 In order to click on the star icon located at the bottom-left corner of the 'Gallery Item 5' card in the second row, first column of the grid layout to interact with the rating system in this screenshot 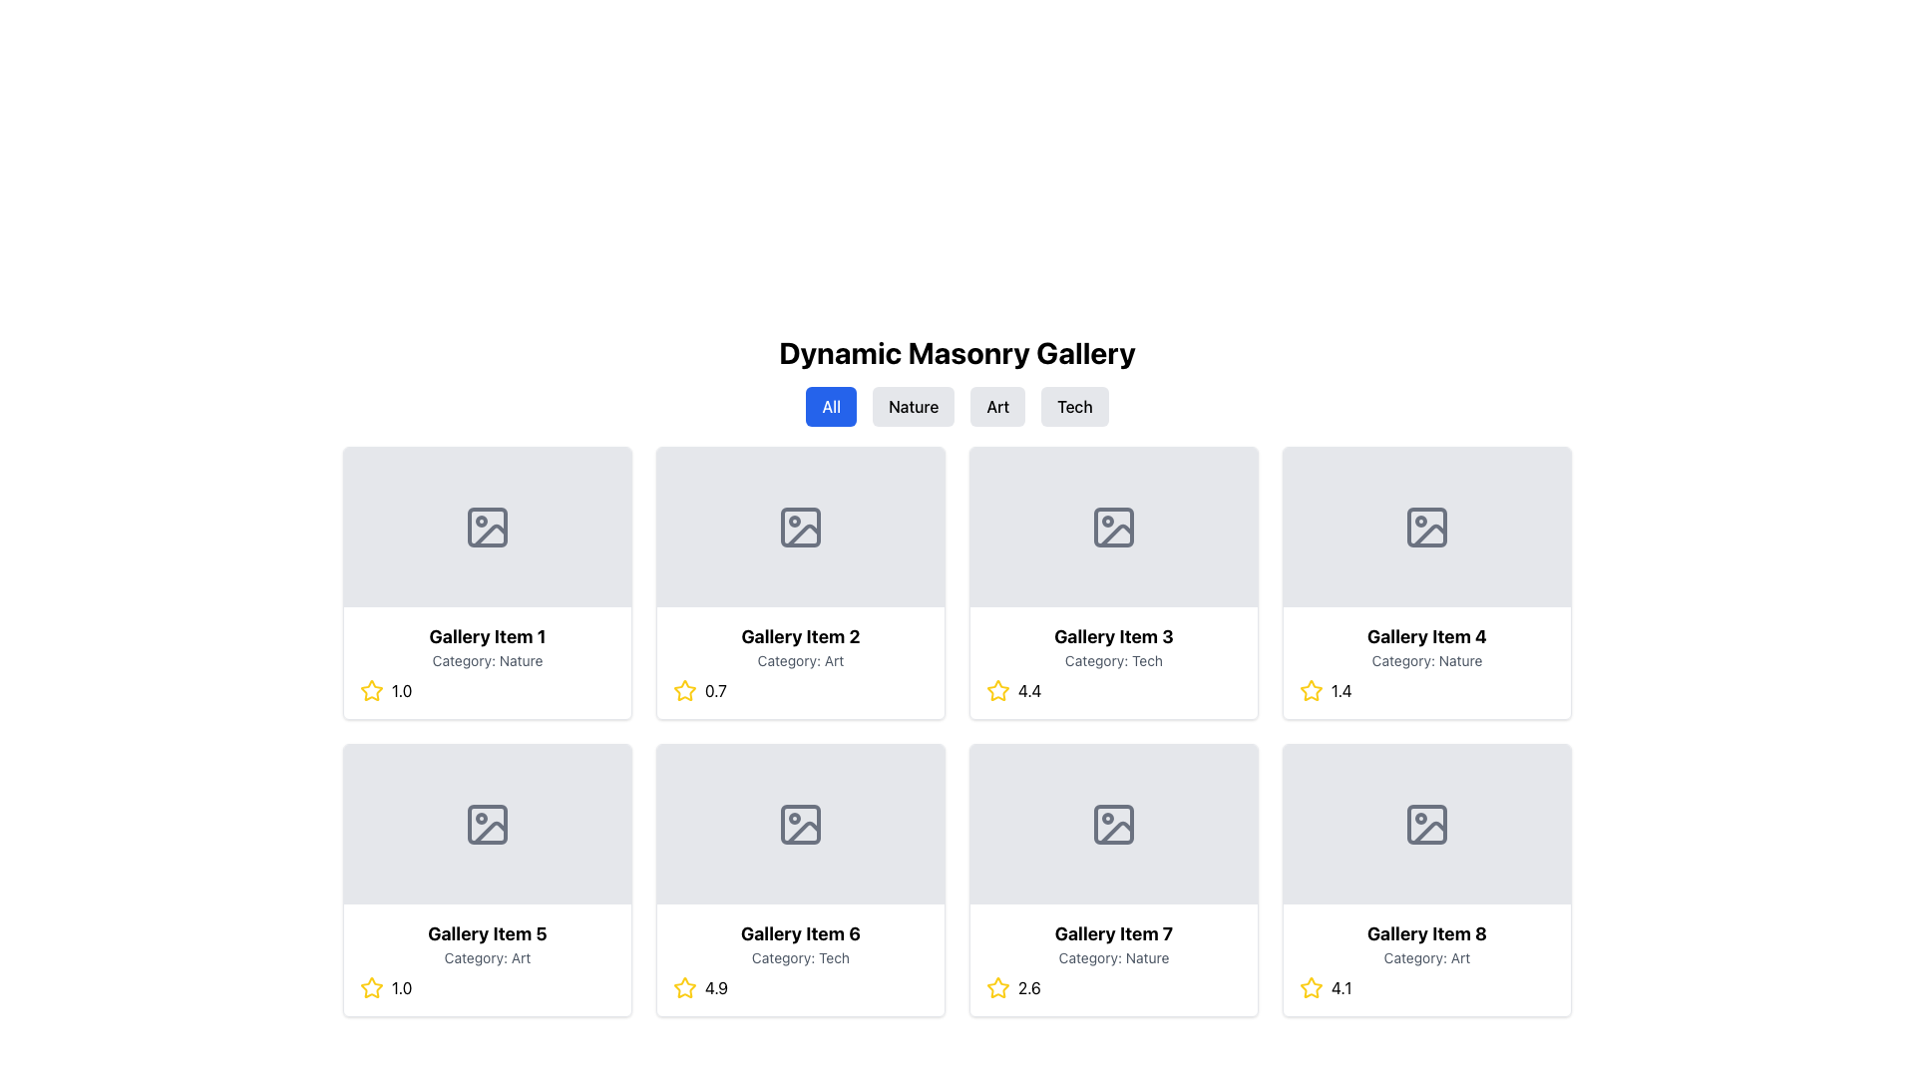, I will do `click(372, 987)`.